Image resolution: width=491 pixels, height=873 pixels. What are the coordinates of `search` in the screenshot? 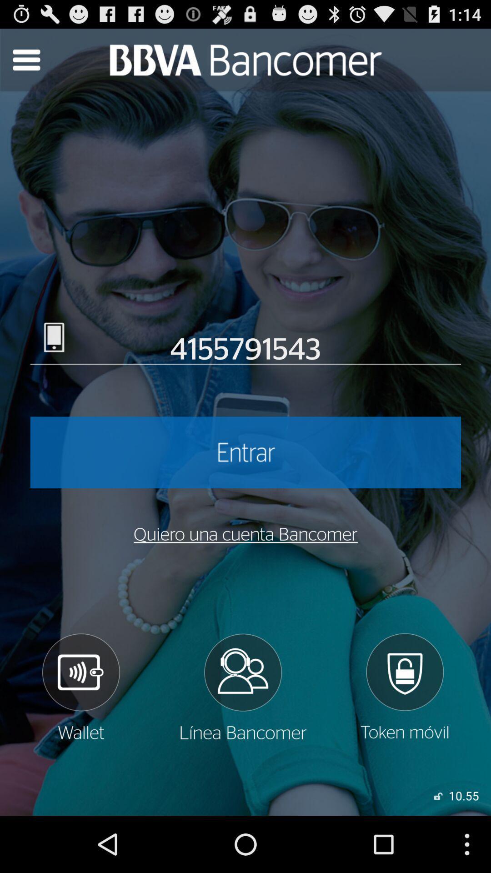 It's located at (25, 60).